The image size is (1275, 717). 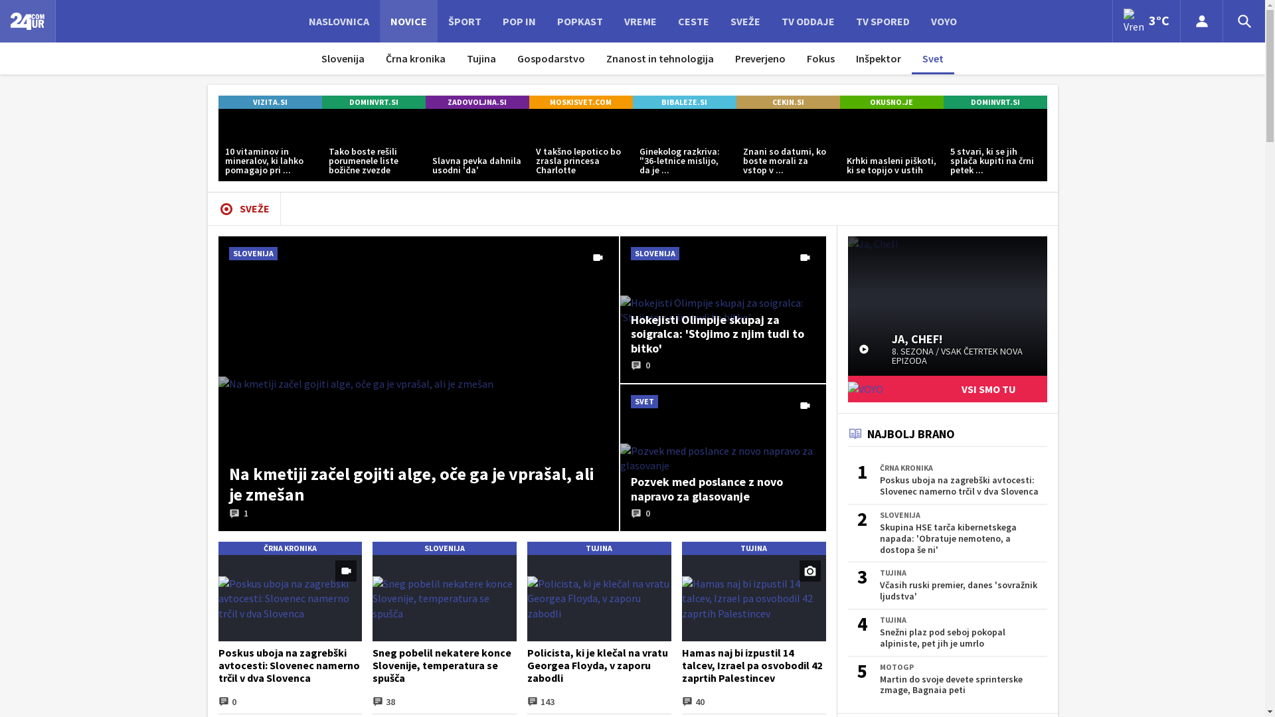 I want to click on 'POP IN', so click(x=518, y=21).